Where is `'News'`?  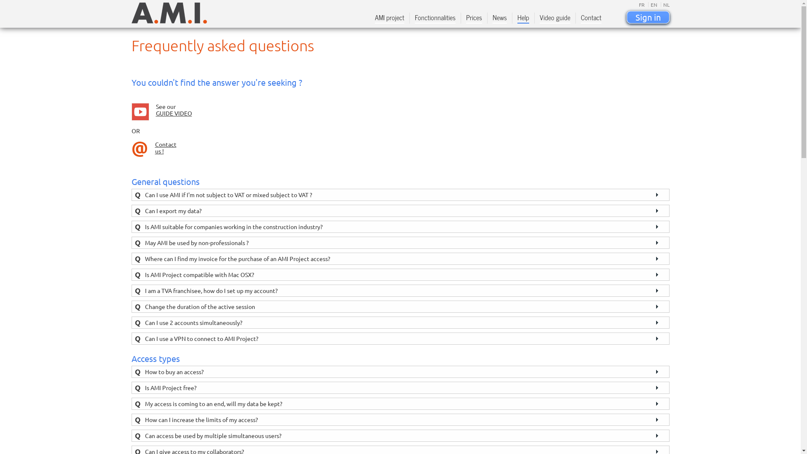 'News' is located at coordinates (500, 18).